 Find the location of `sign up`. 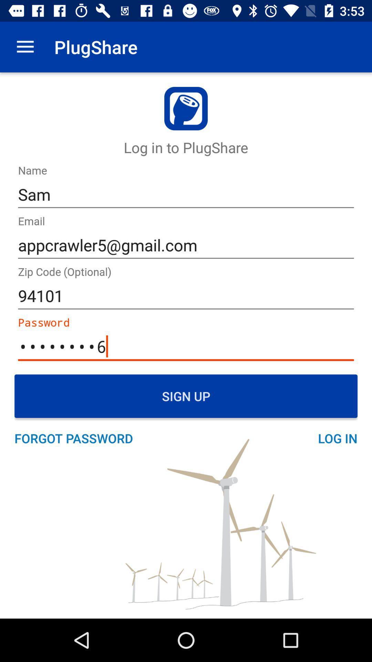

sign up is located at coordinates (186, 396).